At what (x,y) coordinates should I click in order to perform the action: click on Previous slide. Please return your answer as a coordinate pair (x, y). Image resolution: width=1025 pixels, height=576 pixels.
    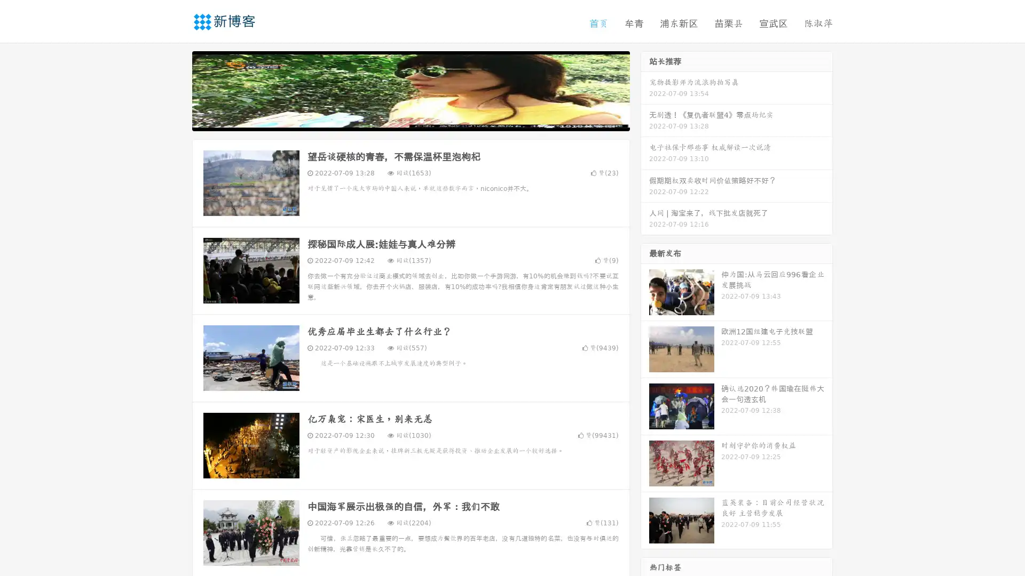
    Looking at the image, I should click on (176, 90).